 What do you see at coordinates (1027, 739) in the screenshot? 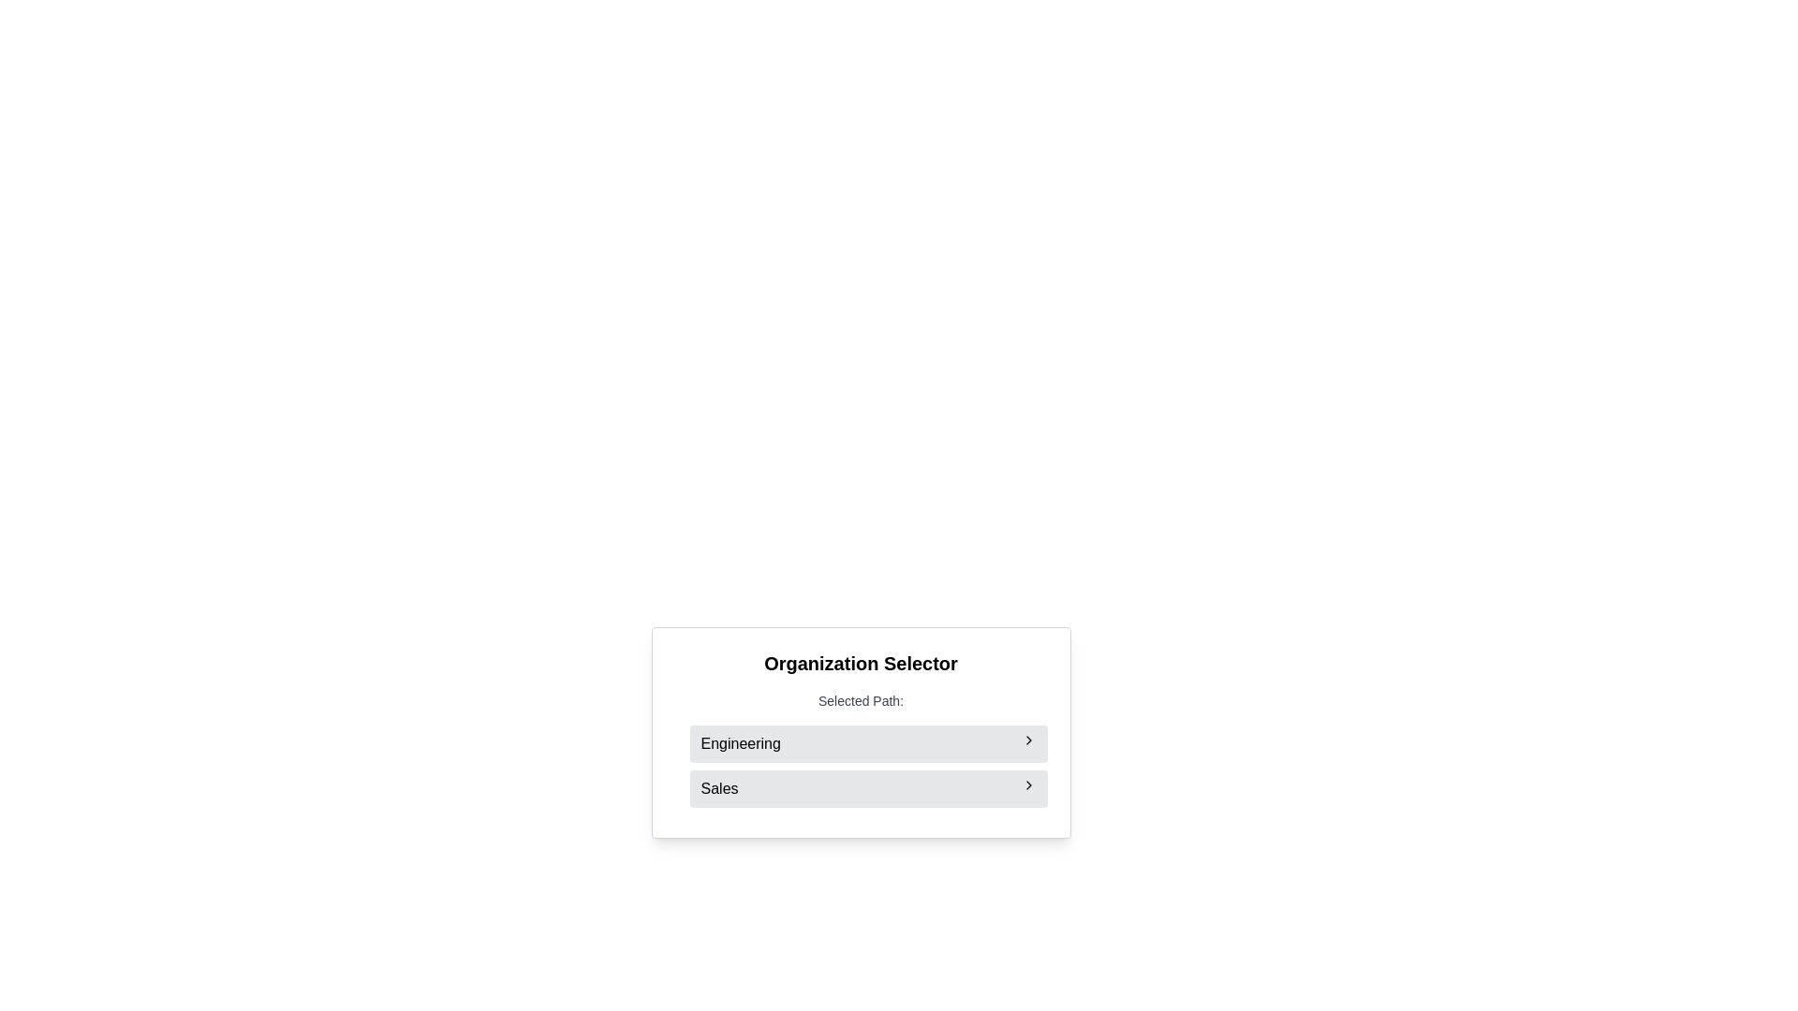
I see `the right-facing chevron icon located at the far-right of the 'Engineering' row` at bounding box center [1027, 739].